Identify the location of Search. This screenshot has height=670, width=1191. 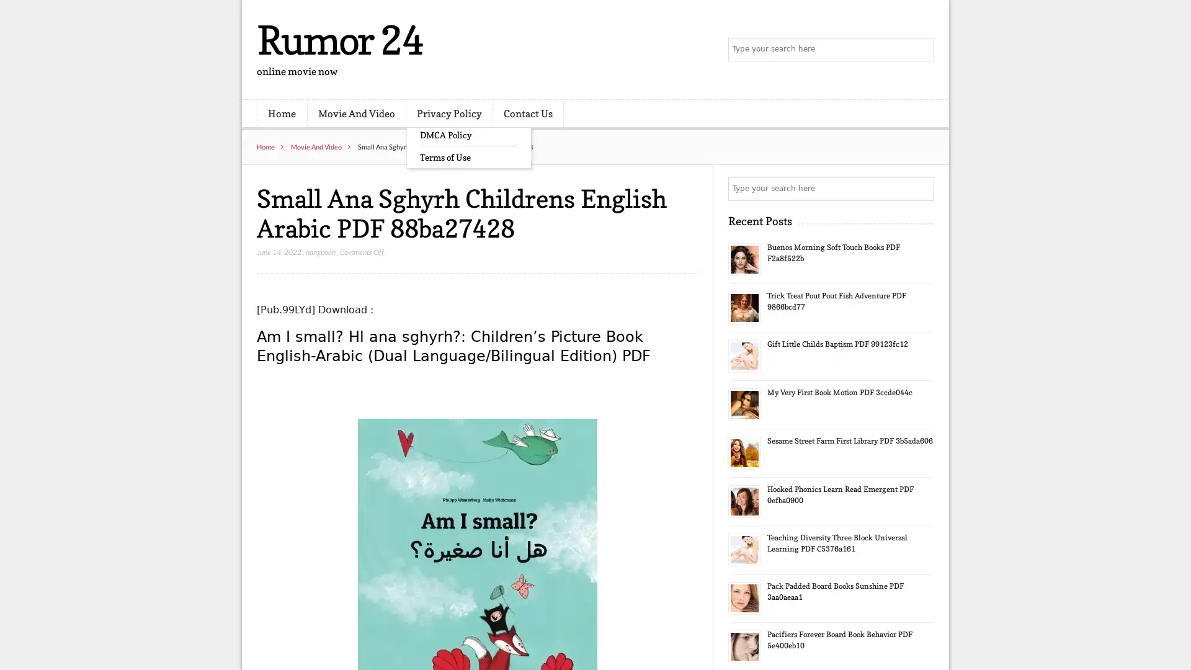
(921, 189).